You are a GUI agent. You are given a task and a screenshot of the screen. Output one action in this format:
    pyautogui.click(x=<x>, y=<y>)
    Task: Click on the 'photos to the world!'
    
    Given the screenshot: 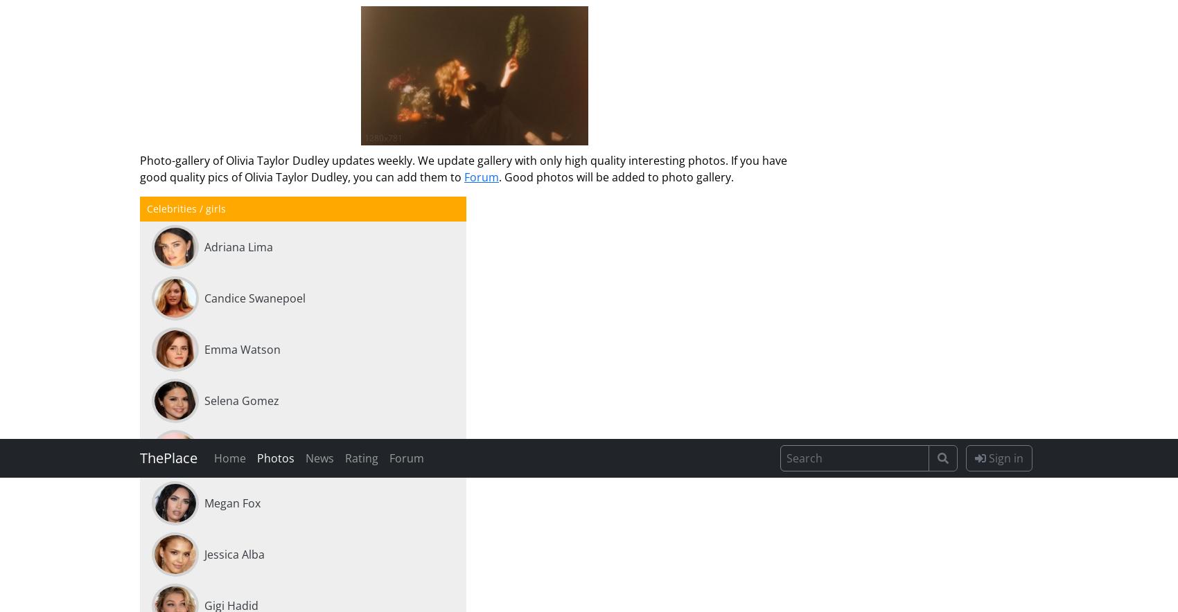 What is the action you would take?
    pyautogui.click(x=251, y=530)
    